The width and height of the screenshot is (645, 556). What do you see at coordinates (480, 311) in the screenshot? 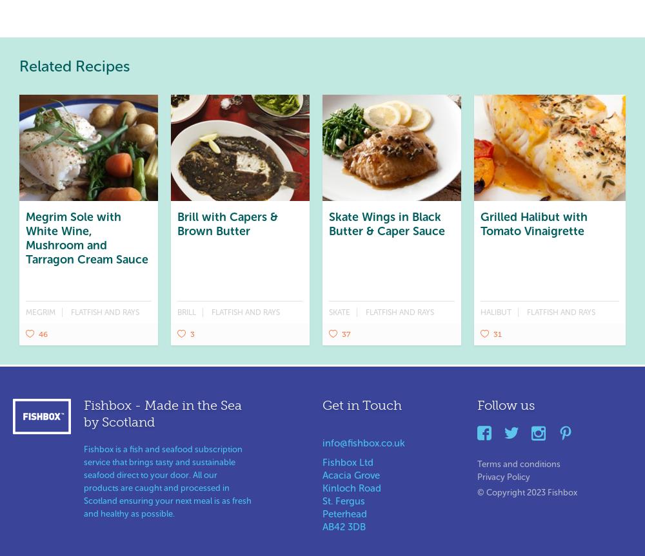
I see `'Halibut'` at bounding box center [480, 311].